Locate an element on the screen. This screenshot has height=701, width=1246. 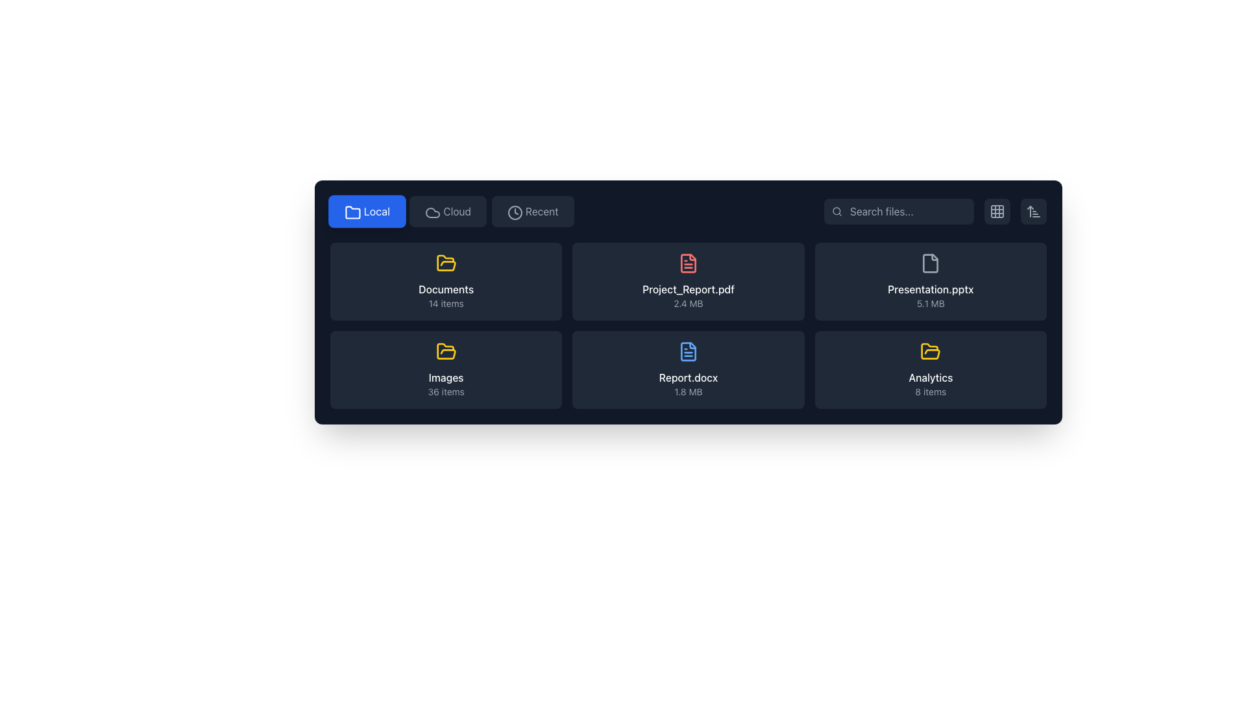
the text label 'Project_Report.pdf' for accessibility by moving the cursor to its center point is located at coordinates (687, 289).